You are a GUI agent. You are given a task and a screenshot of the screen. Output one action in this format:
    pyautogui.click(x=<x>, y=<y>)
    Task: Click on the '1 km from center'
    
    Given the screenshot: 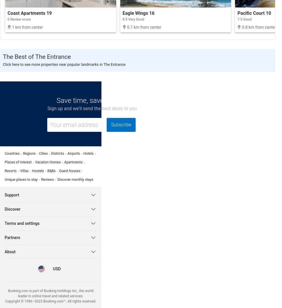 What is the action you would take?
    pyautogui.click(x=27, y=27)
    